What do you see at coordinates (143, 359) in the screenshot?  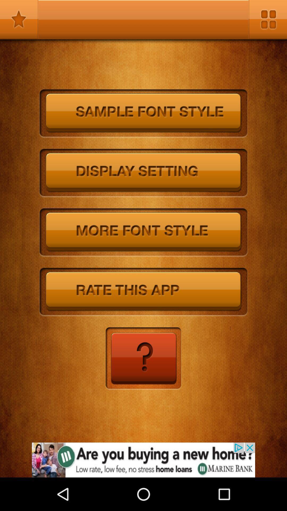 I see `help` at bounding box center [143, 359].